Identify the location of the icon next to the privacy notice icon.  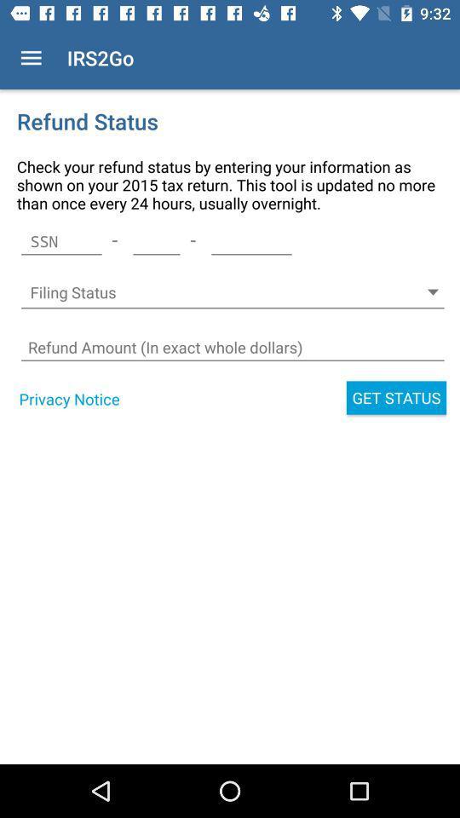
(396, 398).